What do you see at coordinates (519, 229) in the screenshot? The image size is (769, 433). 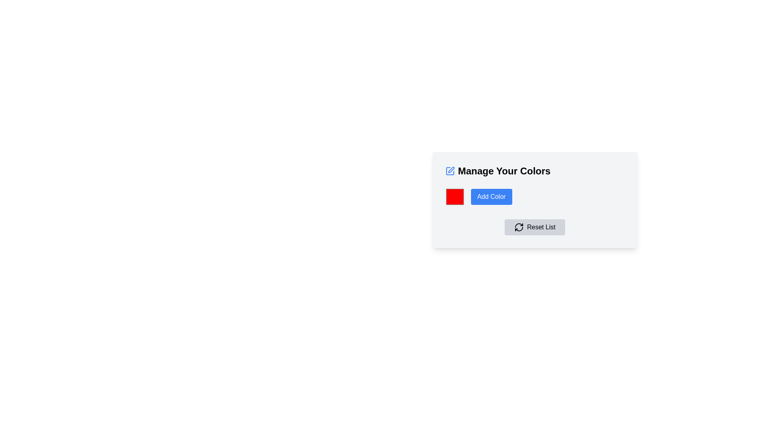 I see `the lower curved part of the circular arrow icon, which is styled with a thin black stroke and is part of the refresh or reload icon, located to the right of the 'Reset List' button` at bounding box center [519, 229].